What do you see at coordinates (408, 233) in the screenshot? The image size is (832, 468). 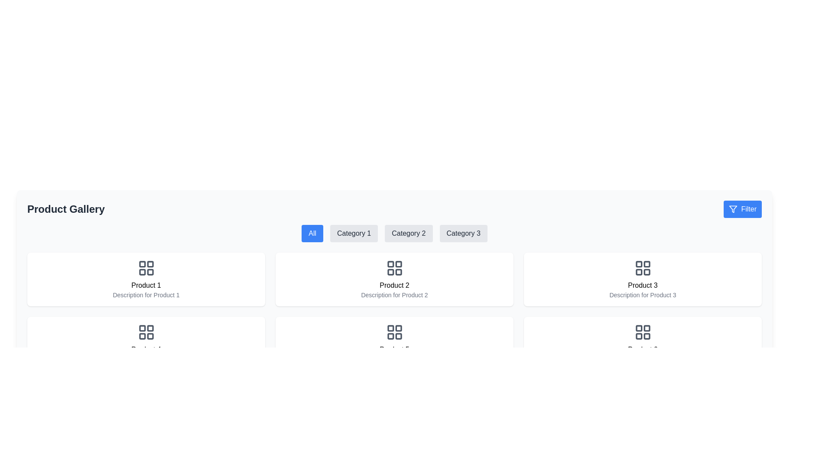 I see `the 'Category 2' button` at bounding box center [408, 233].